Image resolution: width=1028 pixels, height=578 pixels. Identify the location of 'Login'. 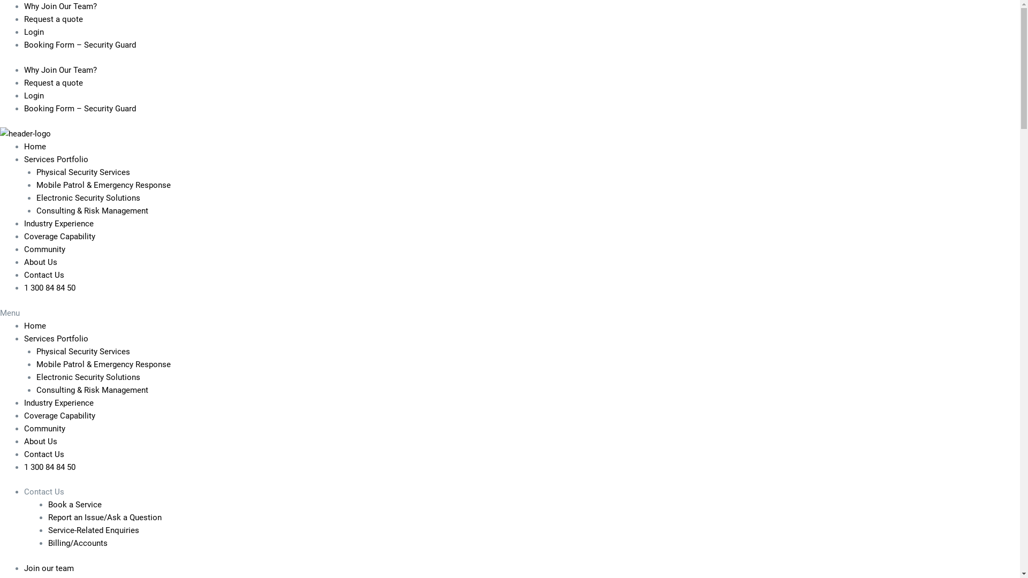
(34, 95).